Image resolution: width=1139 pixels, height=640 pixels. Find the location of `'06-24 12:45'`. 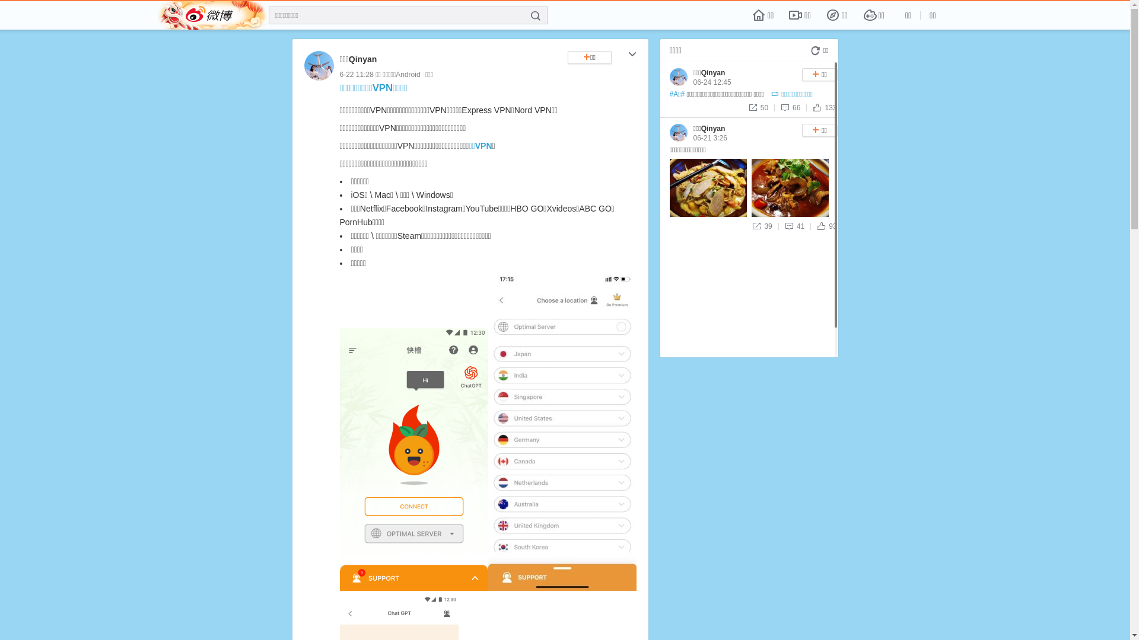

'06-24 12:45' is located at coordinates (712, 81).